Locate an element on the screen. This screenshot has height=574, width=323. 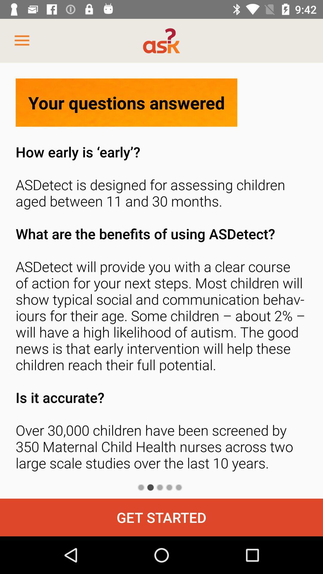
how early is icon is located at coordinates (161, 309).